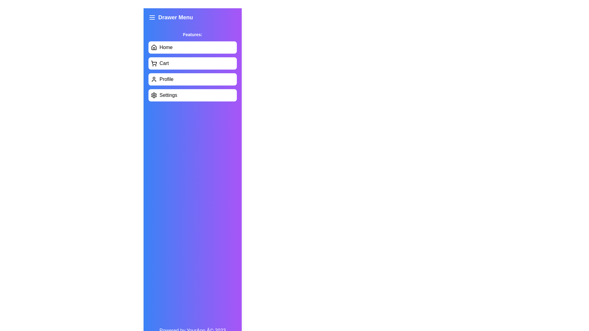 The image size is (589, 331). I want to click on the 'Profile' menu option, which is the third item in a sidebar menu, so click(192, 79).